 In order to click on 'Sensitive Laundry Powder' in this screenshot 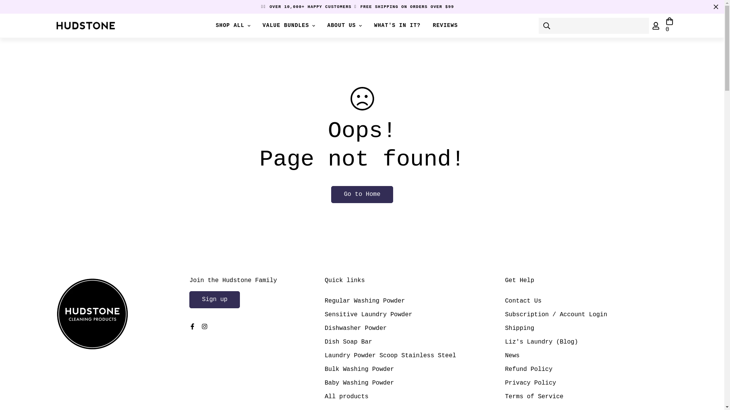, I will do `click(368, 315)`.